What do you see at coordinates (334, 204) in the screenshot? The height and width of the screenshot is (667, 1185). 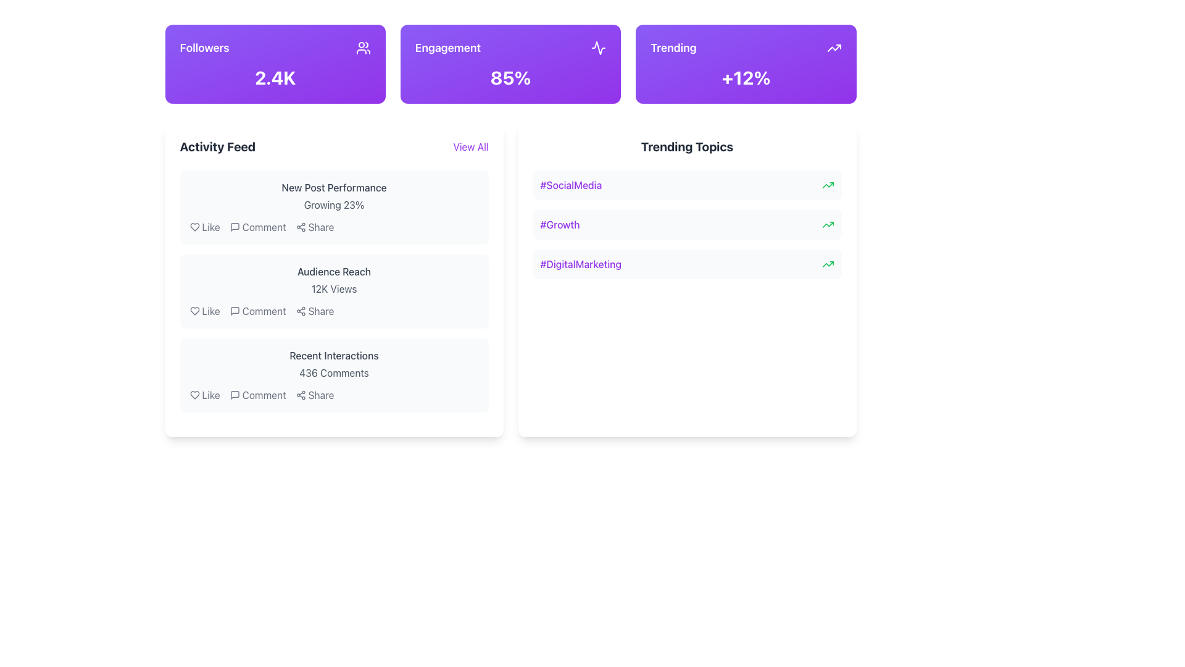 I see `the Text label that communicates the growth percentage for the 'New Post Performance' segment, located beneath the title 'New Post Performance' and above the options 'Like', 'Comment', and 'Share'` at bounding box center [334, 204].